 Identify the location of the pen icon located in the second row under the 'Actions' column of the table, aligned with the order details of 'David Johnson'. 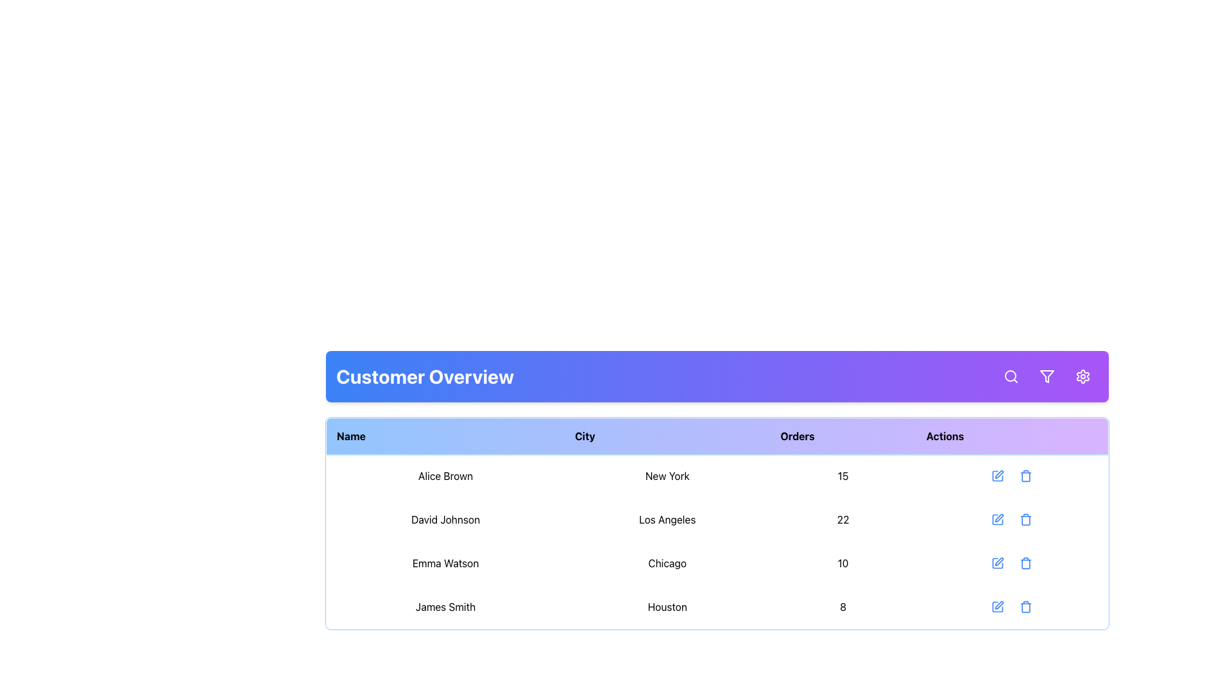
(998, 517).